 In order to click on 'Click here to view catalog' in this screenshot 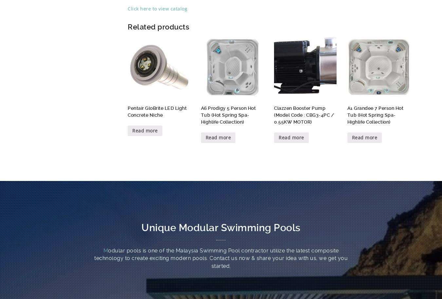, I will do `click(157, 8)`.